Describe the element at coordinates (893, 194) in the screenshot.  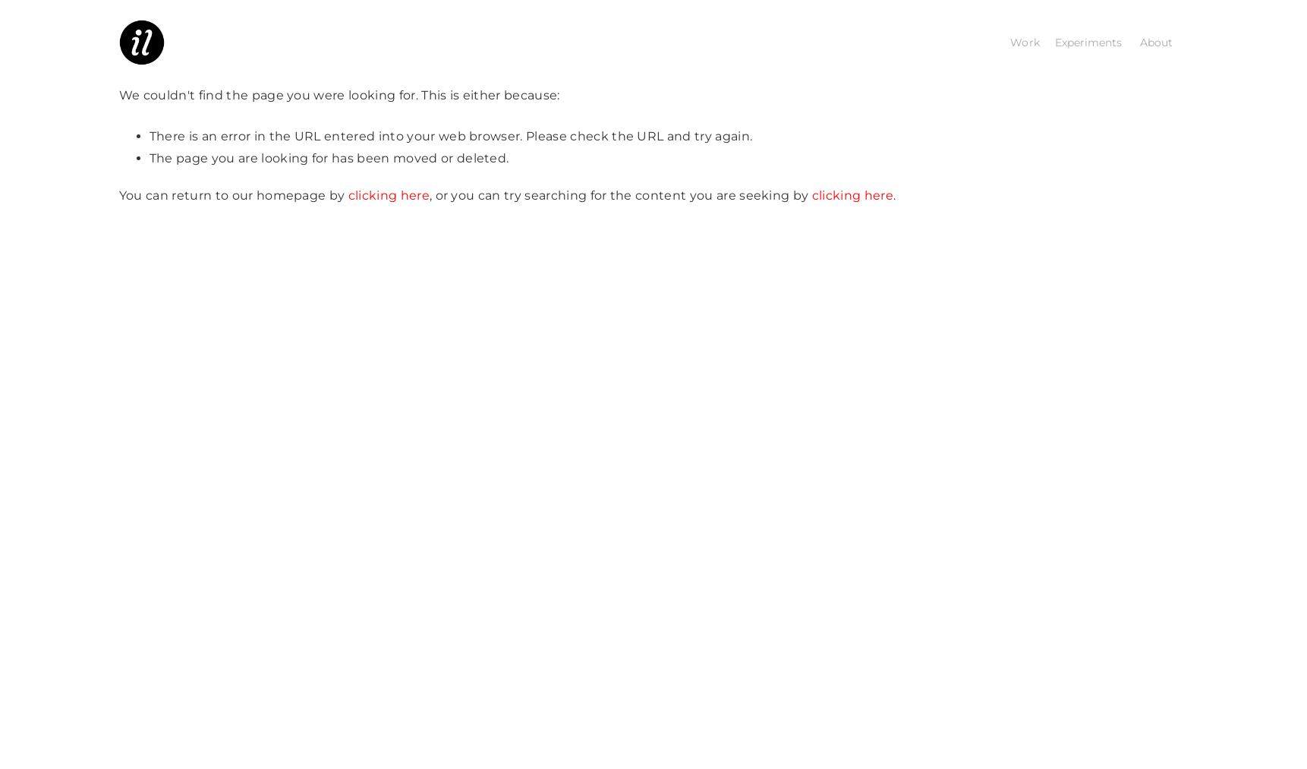
I see `'.'` at that location.